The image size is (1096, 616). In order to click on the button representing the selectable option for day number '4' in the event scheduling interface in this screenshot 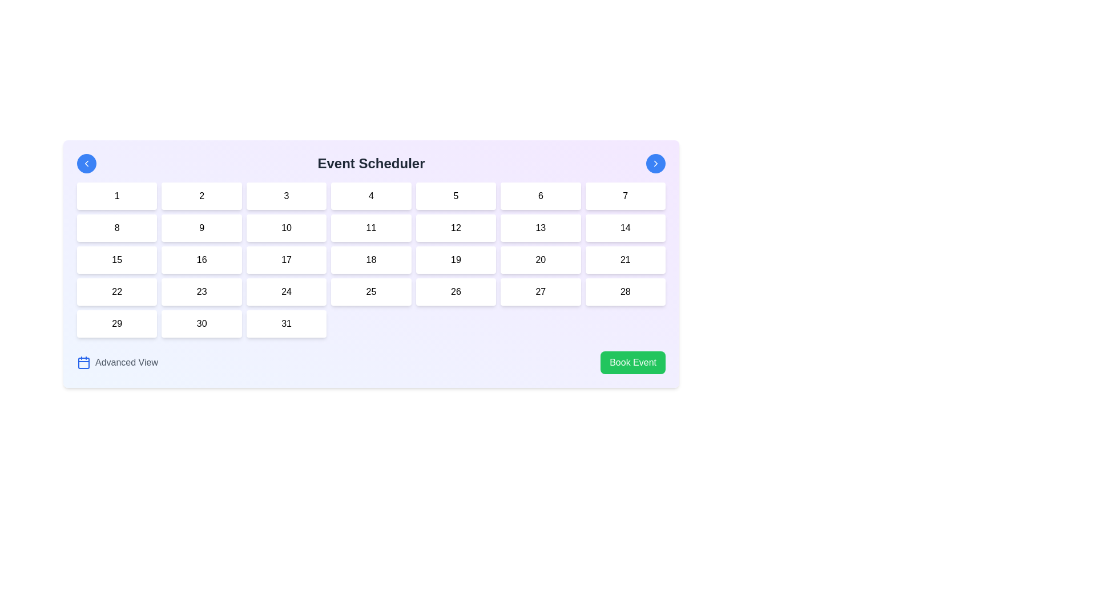, I will do `click(371, 195)`.